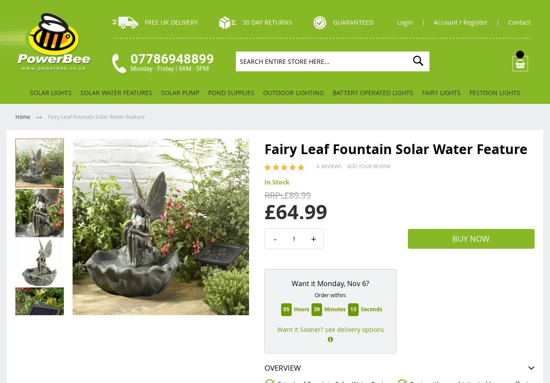 The image size is (550, 383). Describe the element at coordinates (397, 22) in the screenshot. I see `'Login'` at that location.